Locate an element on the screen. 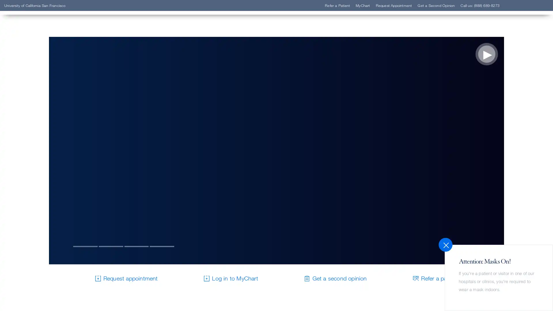 This screenshot has width=553, height=311. Clinics is located at coordinates (31, 102).